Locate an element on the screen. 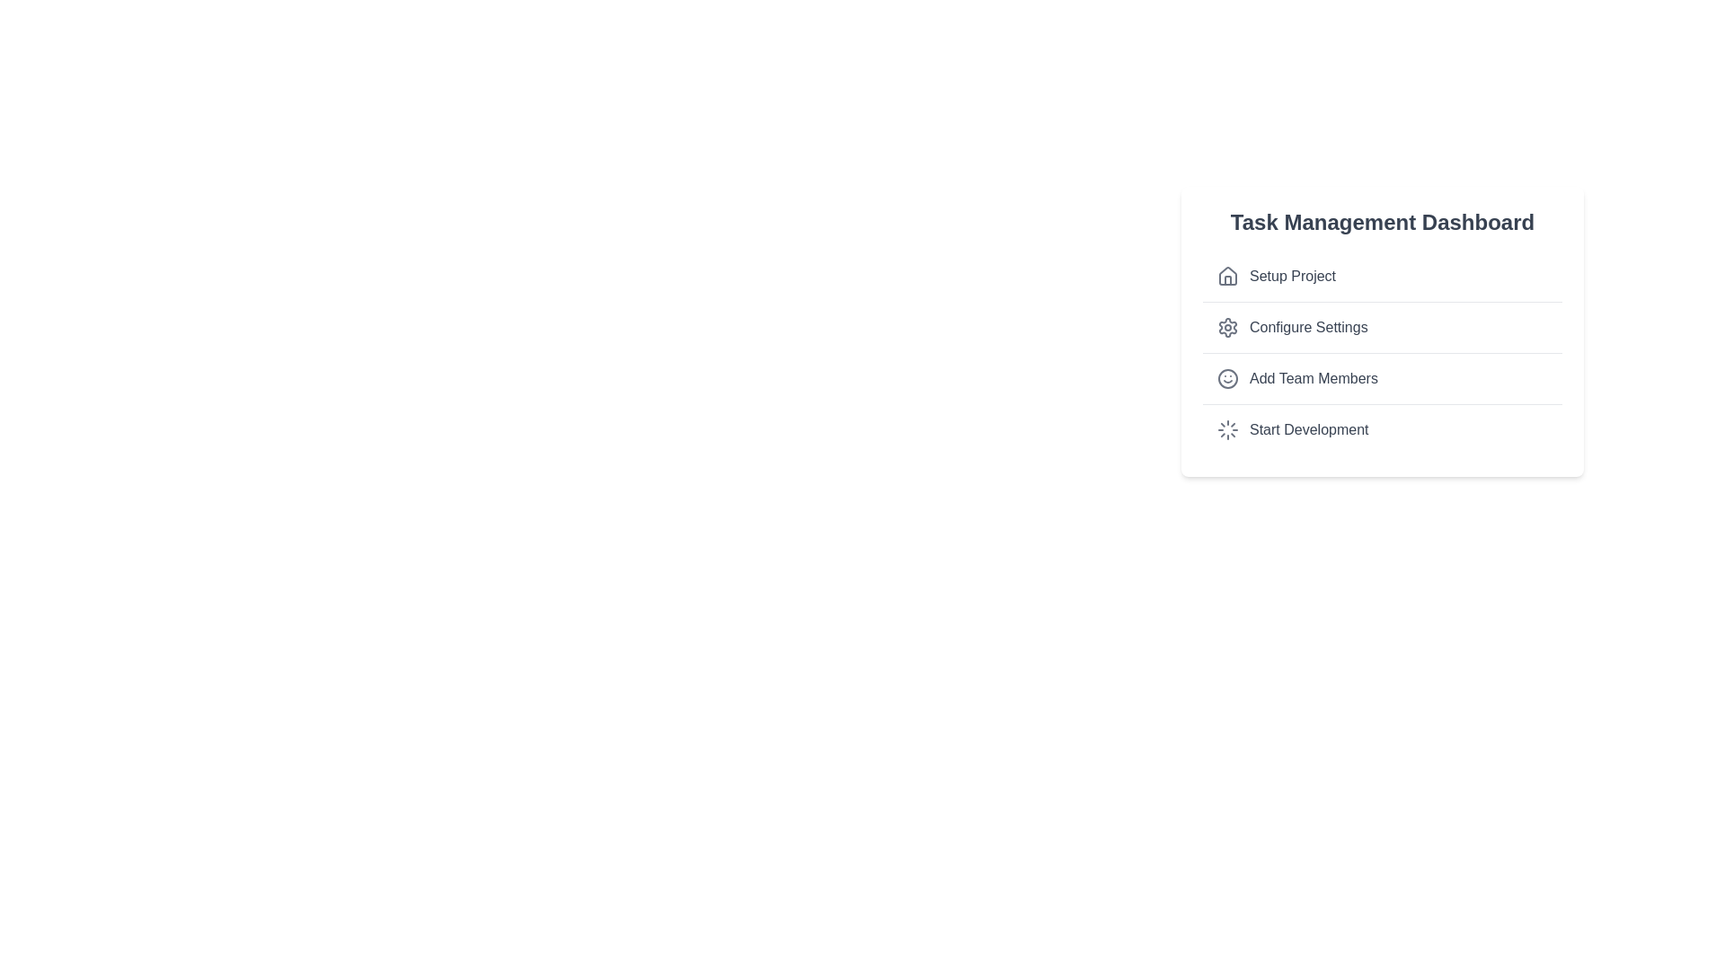 This screenshot has width=1725, height=970. the first item labeled 'Setup Project' in the Task Management Dashboard is located at coordinates (1382, 277).